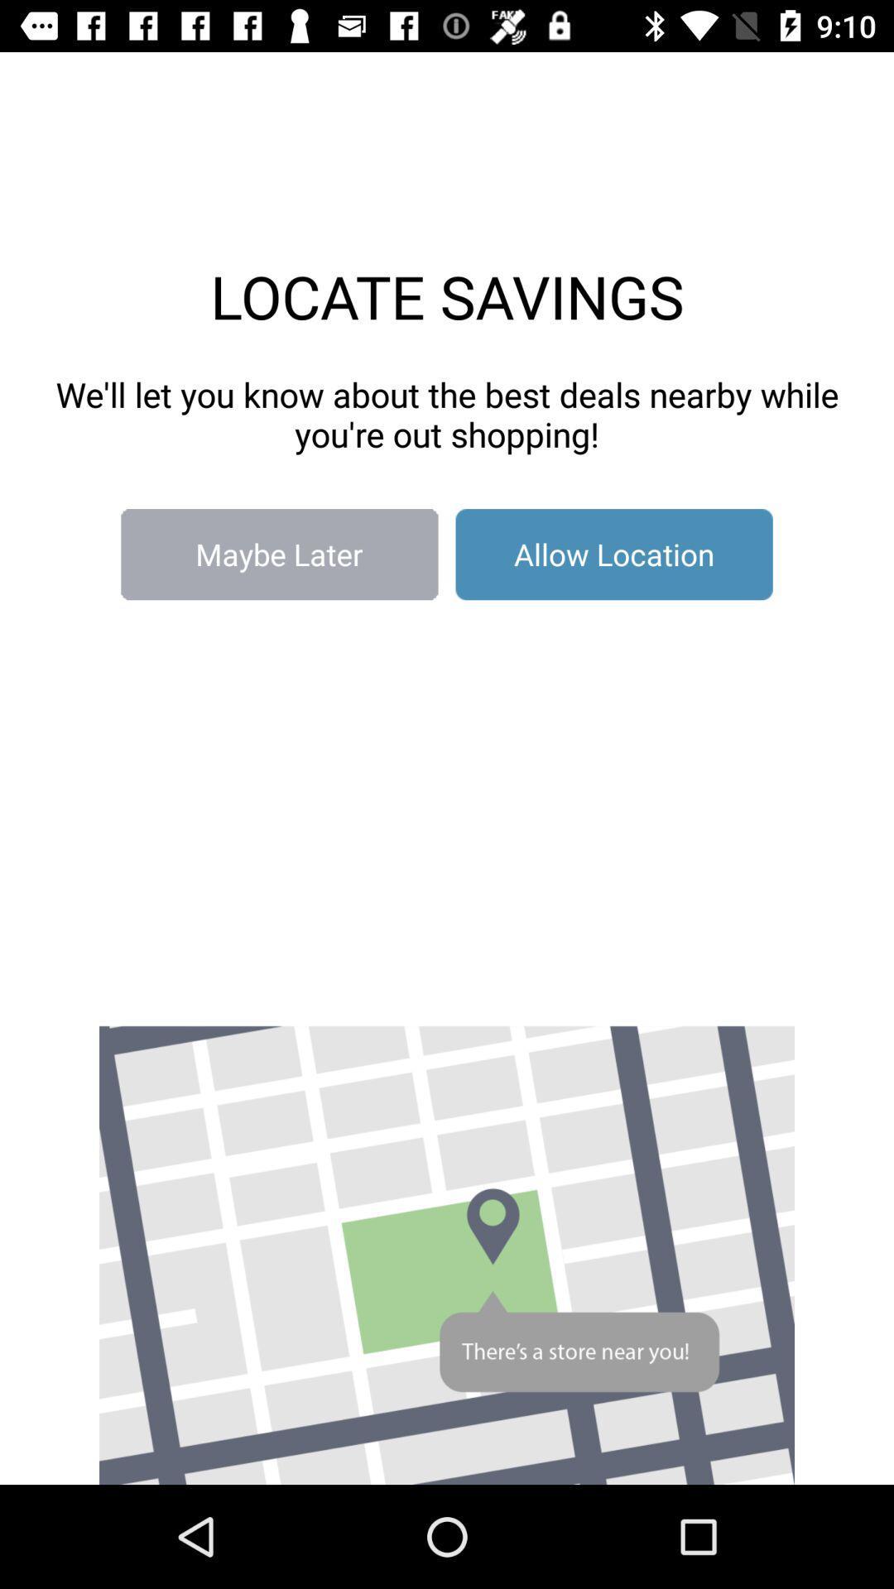  I want to click on maybe later item, so click(278, 554).